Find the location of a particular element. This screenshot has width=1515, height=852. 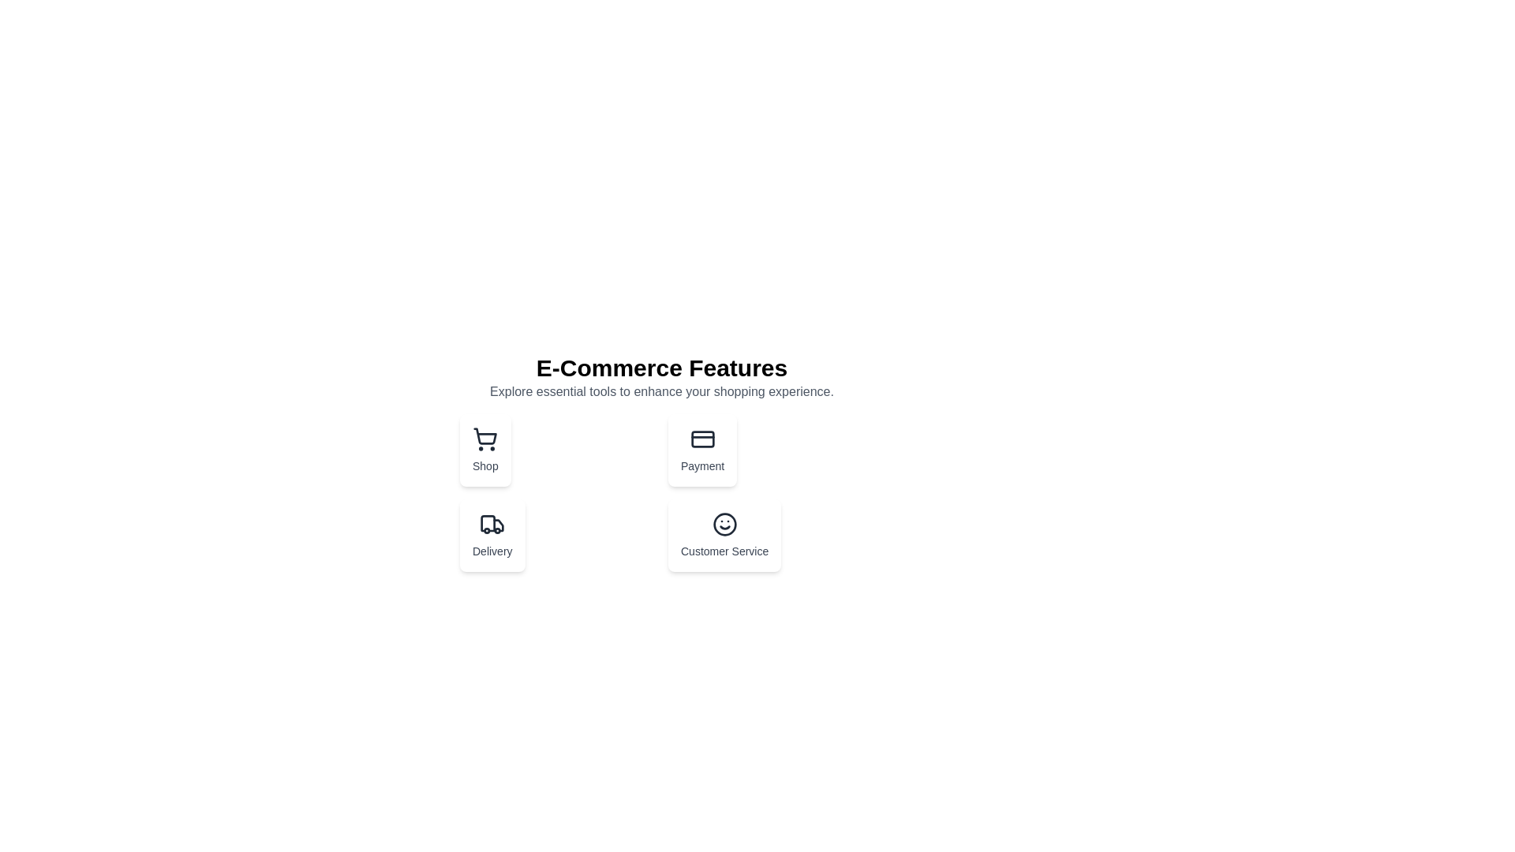

the Button-like card labeled 'Shop' with a shopping cart icon, located at the top-left corner of the 'E-Commerce Features' grid layout is located at coordinates (484, 450).